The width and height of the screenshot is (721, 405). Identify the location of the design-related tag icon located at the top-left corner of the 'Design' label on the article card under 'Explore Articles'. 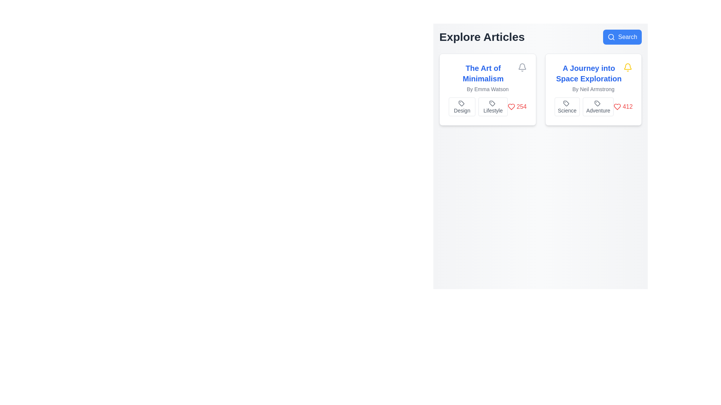
(461, 103).